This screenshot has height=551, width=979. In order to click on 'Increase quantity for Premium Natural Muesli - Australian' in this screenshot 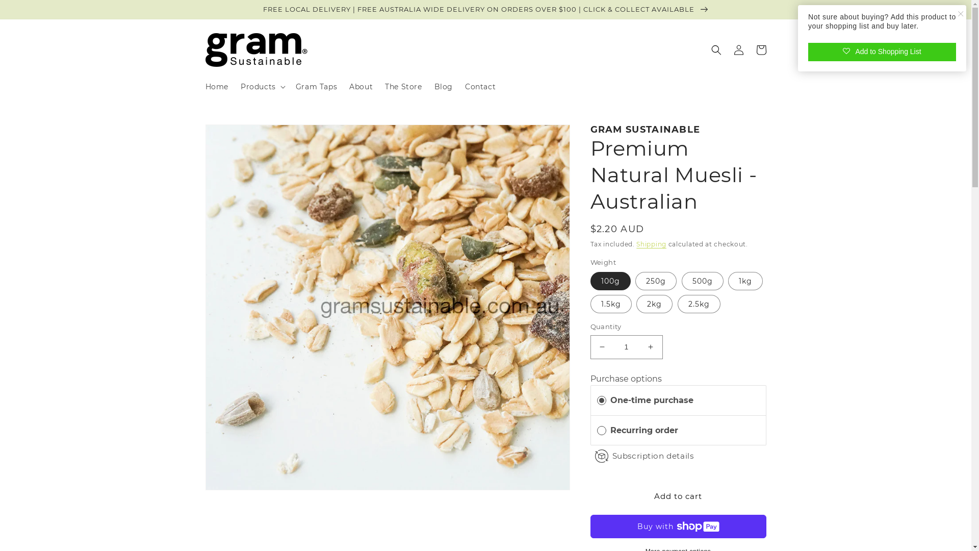, I will do `click(650, 346)`.